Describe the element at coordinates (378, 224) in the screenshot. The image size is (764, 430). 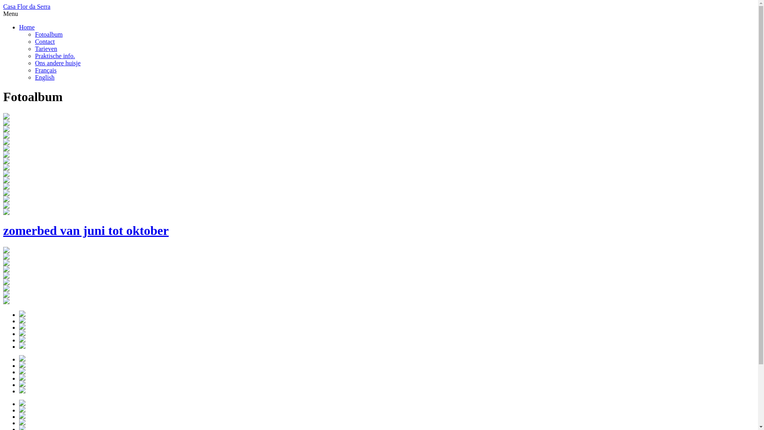
I see `'zomerbed van juni tot oktober'` at that location.